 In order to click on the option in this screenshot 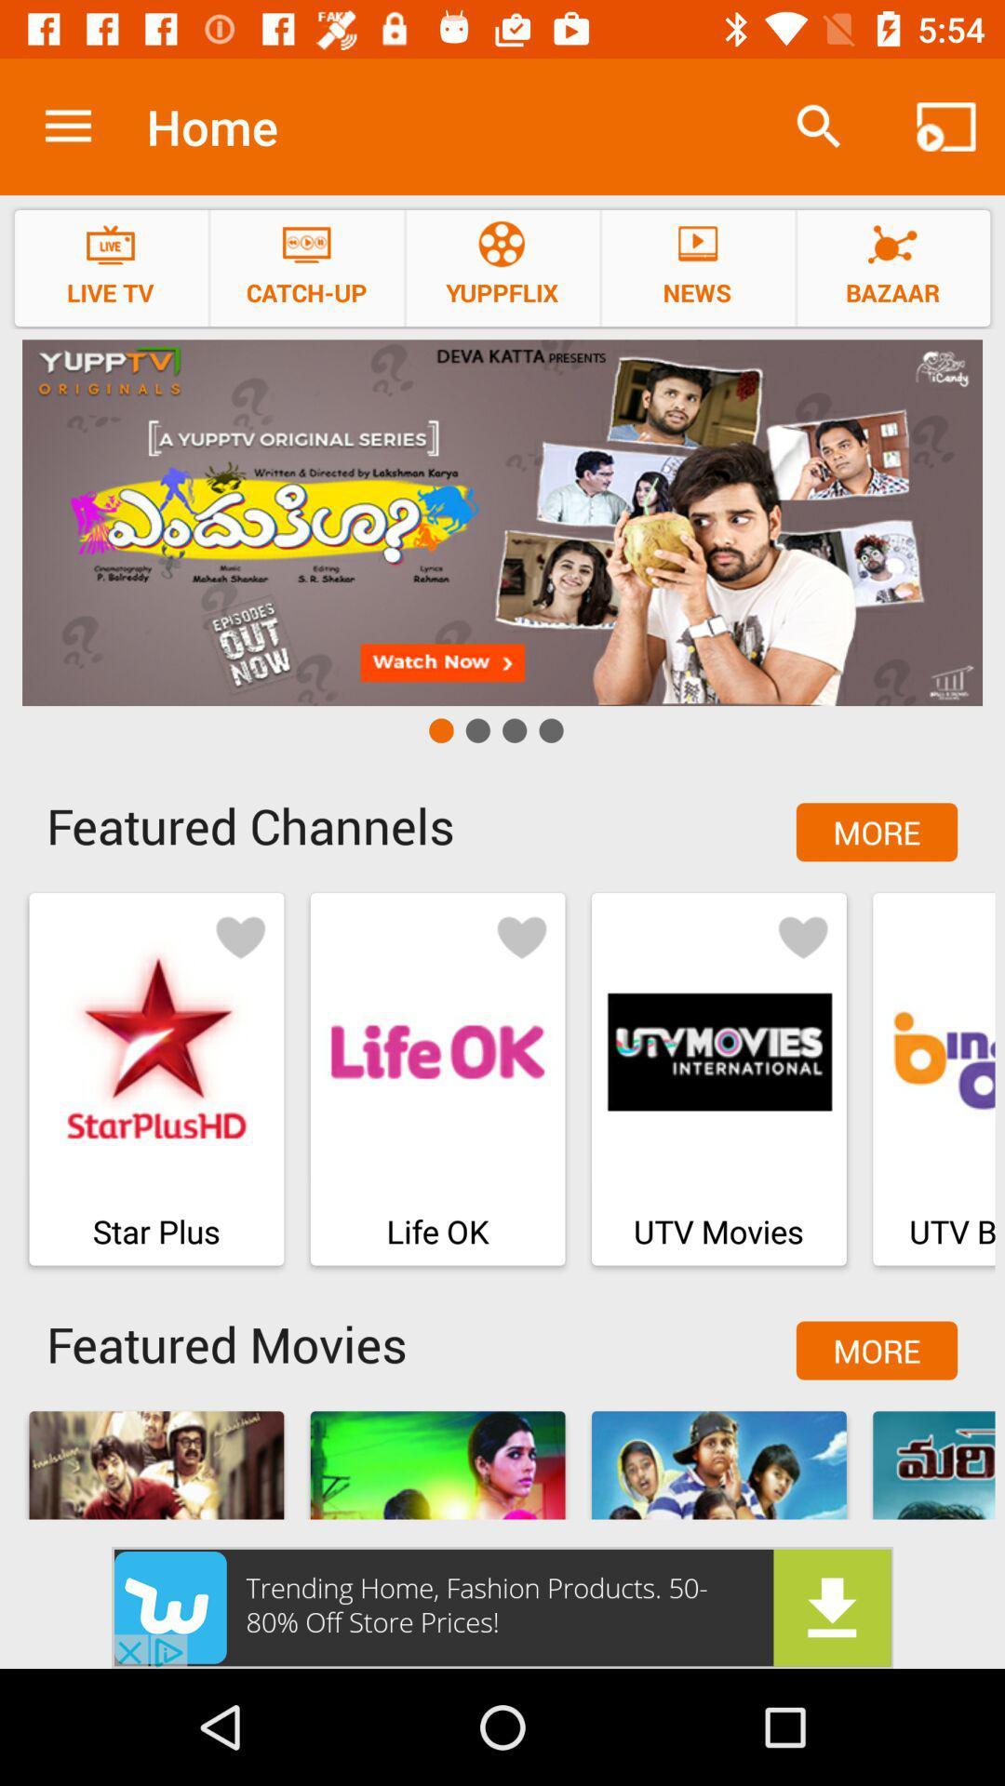, I will do `click(502, 1606)`.